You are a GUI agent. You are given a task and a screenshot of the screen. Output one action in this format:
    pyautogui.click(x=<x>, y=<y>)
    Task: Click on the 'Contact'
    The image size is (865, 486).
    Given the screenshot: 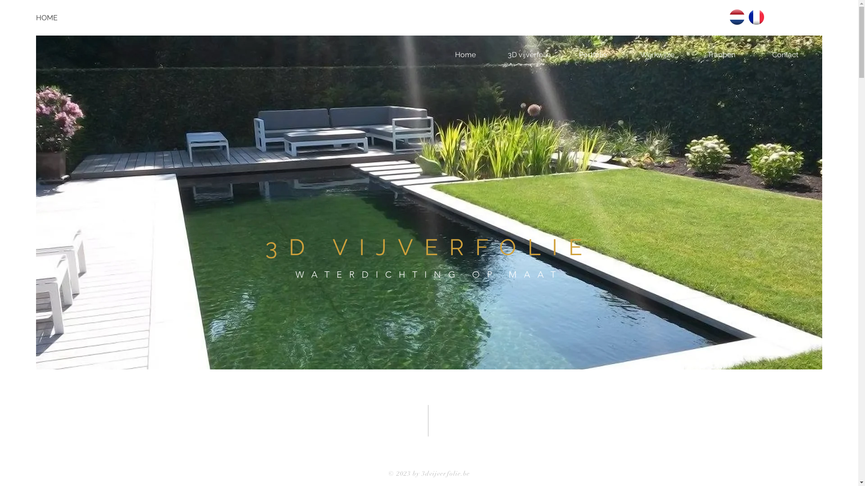 What is the action you would take?
    pyautogui.click(x=784, y=55)
    